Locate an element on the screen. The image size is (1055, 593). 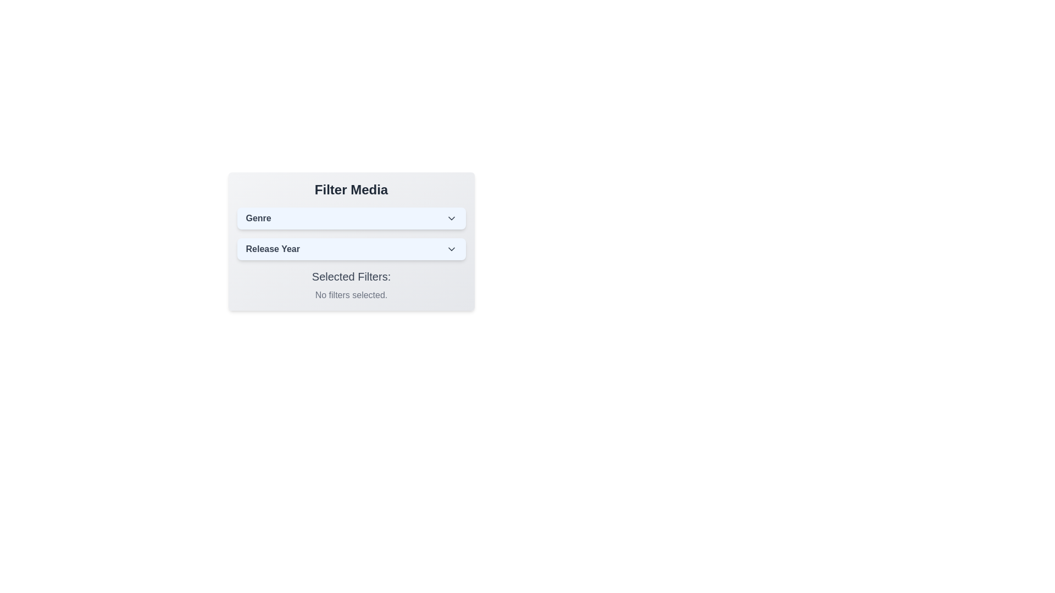
the dropdown menu located directly below the 'Filter Media' title is located at coordinates (351, 218).